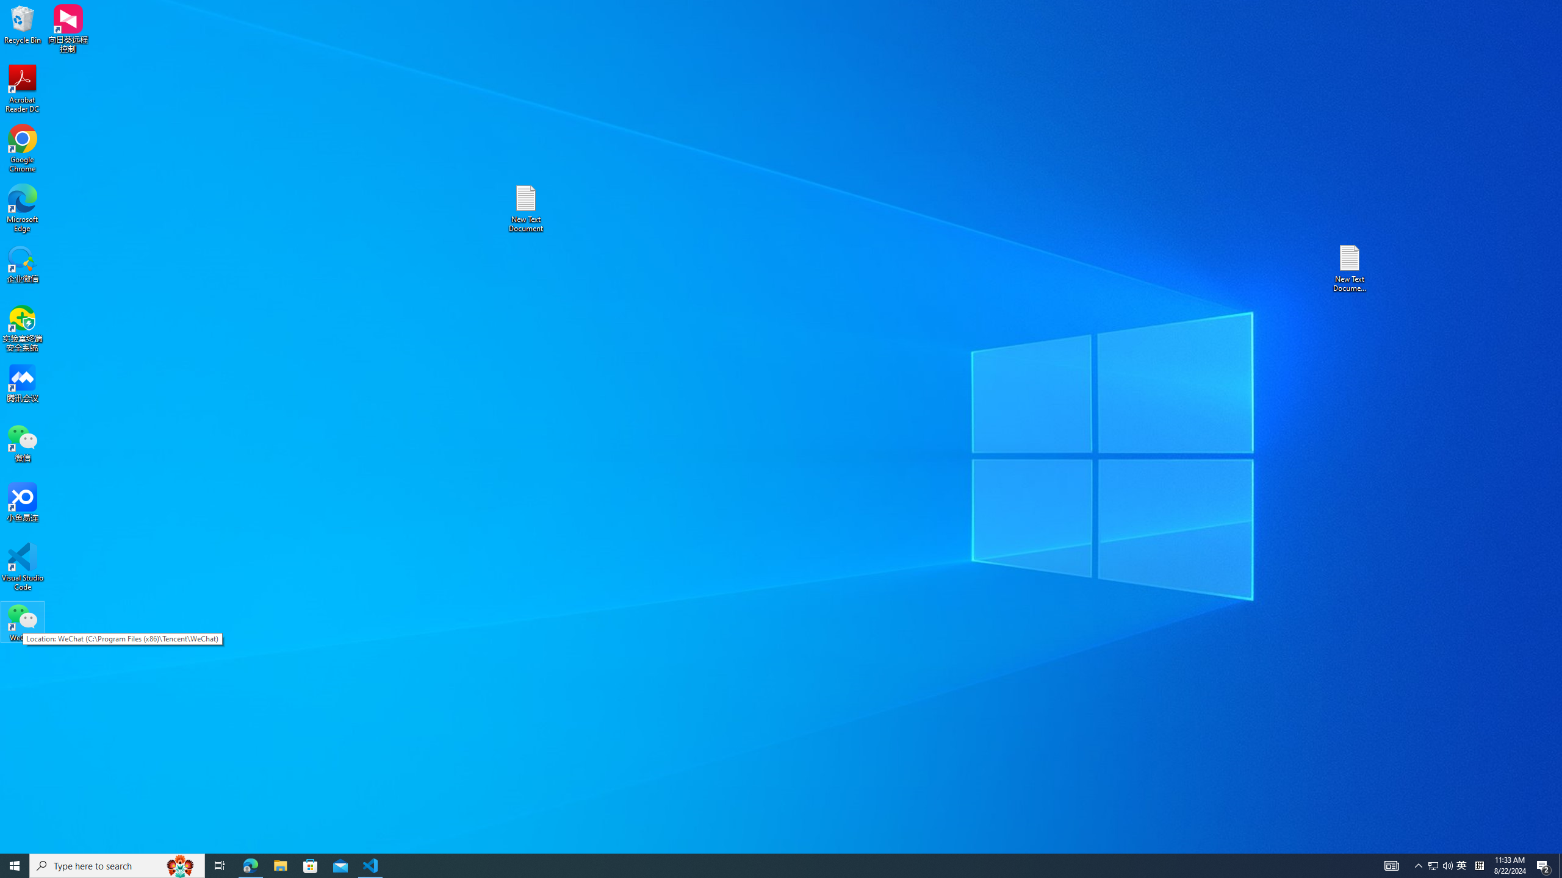 This screenshot has width=1562, height=878. What do you see at coordinates (1418, 865) in the screenshot?
I see `'AutomationID: 4105'` at bounding box center [1418, 865].